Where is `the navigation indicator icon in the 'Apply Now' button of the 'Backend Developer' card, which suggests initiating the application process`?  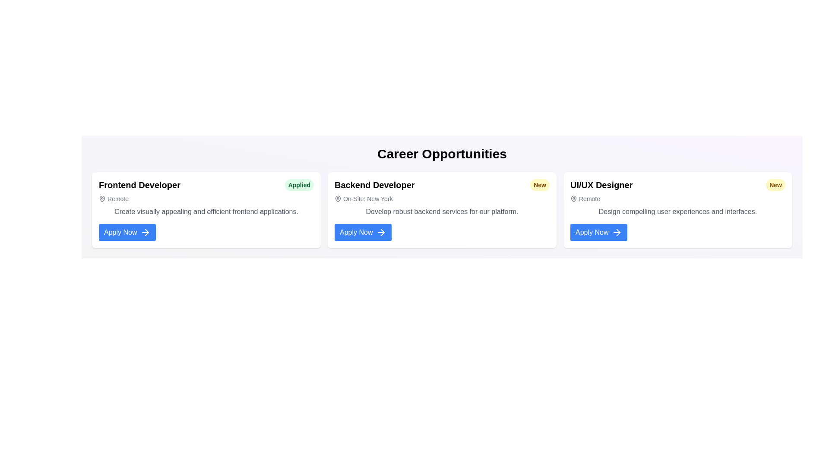 the navigation indicator icon in the 'Apply Now' button of the 'Backend Developer' card, which suggests initiating the application process is located at coordinates (381, 232).